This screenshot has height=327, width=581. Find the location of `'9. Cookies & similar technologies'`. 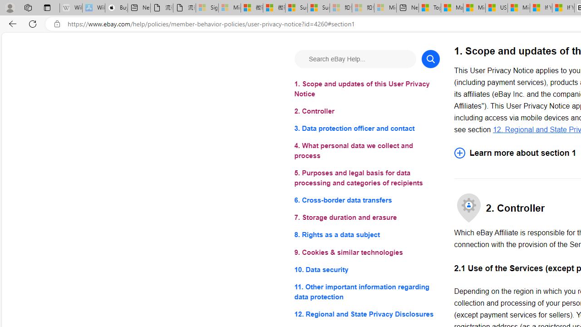

'9. Cookies & similar technologies' is located at coordinates (367, 252).